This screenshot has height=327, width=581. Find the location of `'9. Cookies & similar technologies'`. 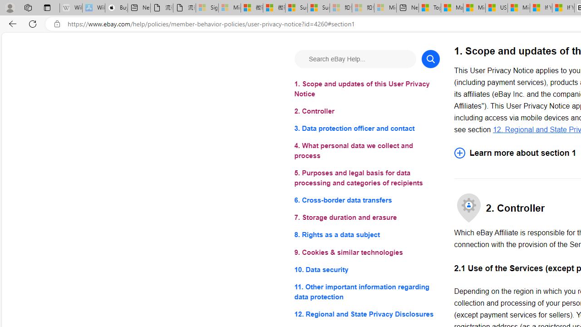

'9. Cookies & similar technologies' is located at coordinates (367, 252).